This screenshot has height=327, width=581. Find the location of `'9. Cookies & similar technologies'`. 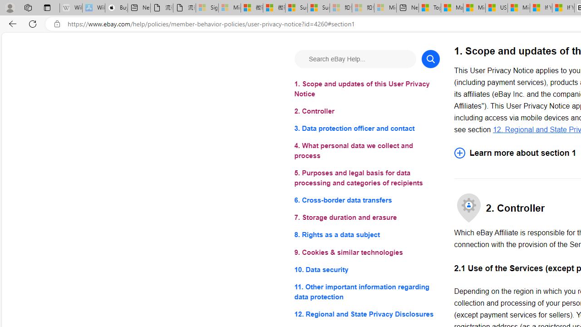

'9. Cookies & similar technologies' is located at coordinates (367, 252).